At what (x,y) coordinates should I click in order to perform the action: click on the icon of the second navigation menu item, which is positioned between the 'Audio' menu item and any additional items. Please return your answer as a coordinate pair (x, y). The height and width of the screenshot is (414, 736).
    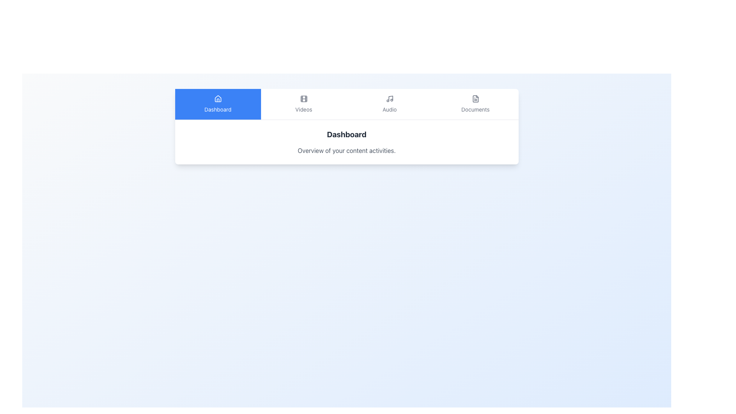
    Looking at the image, I should click on (475, 104).